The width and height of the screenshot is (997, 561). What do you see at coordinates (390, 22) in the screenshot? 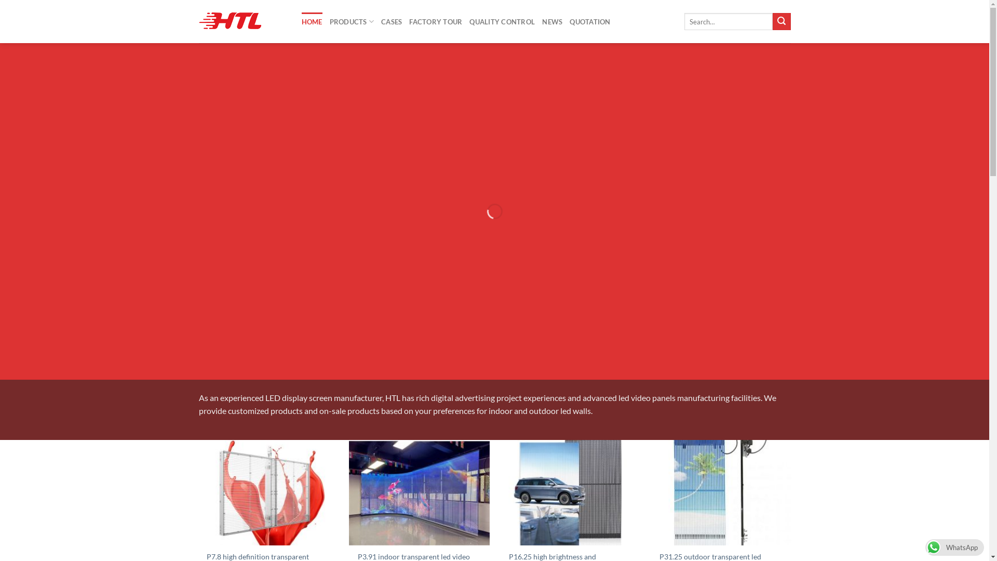
I see `'CASES'` at bounding box center [390, 22].